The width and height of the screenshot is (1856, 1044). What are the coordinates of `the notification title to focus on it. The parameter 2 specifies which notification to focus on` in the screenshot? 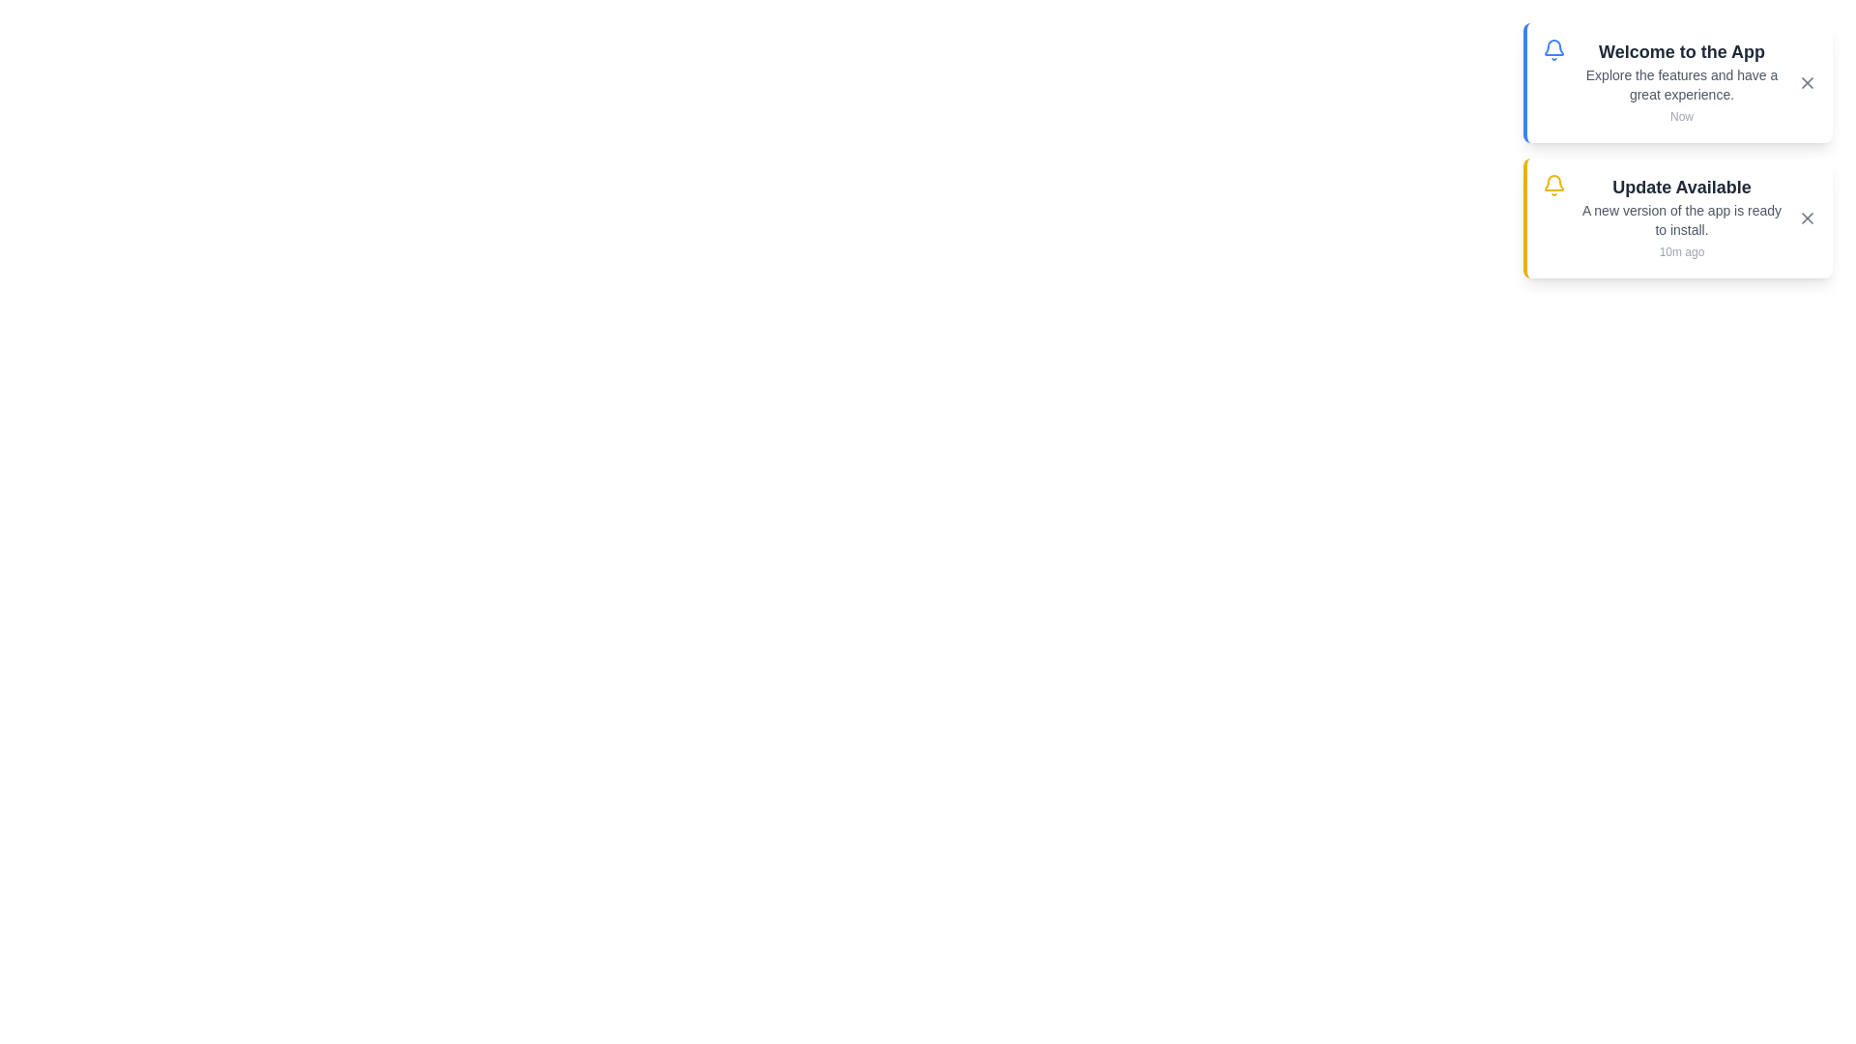 It's located at (1680, 187).